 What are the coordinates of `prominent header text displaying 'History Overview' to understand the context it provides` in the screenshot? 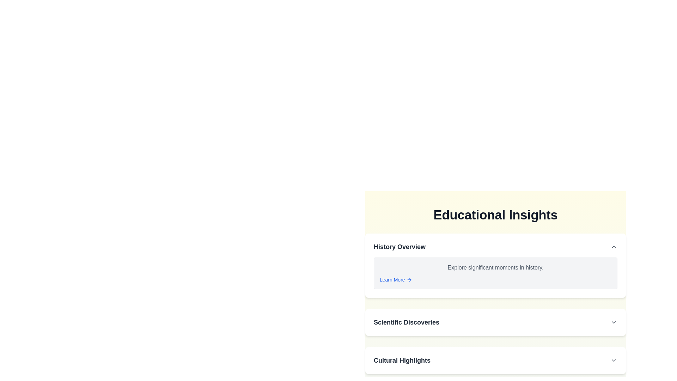 It's located at (400, 246).